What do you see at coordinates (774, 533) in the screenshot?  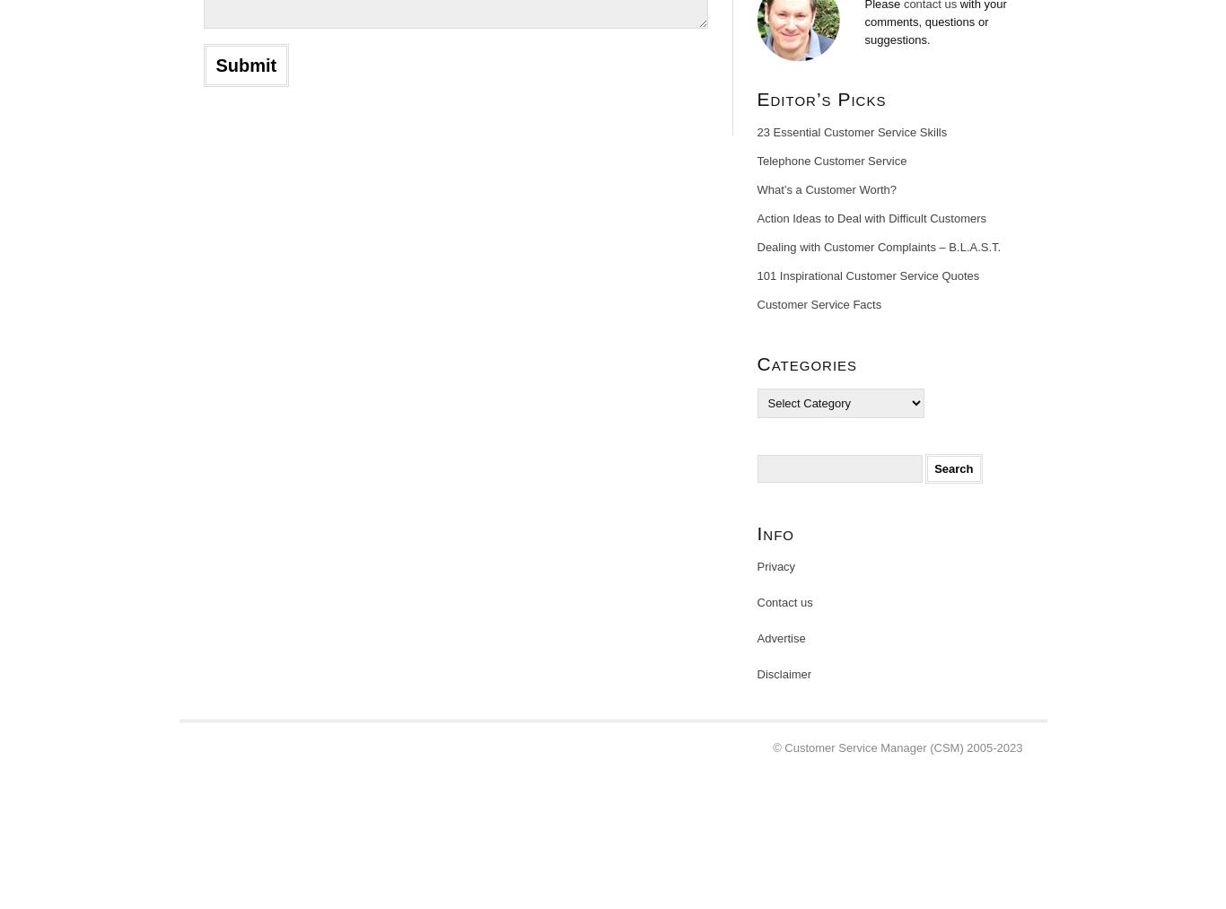 I see `'Info'` at bounding box center [774, 533].